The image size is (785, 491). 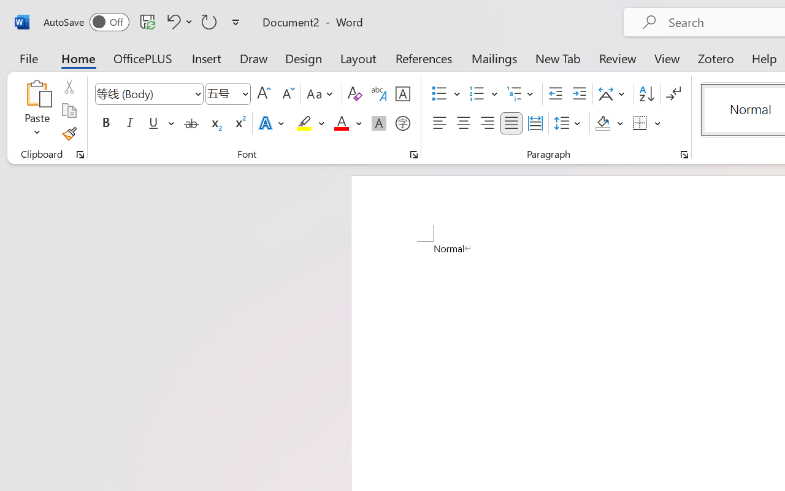 I want to click on 'OfficePLUS', so click(x=143, y=58).